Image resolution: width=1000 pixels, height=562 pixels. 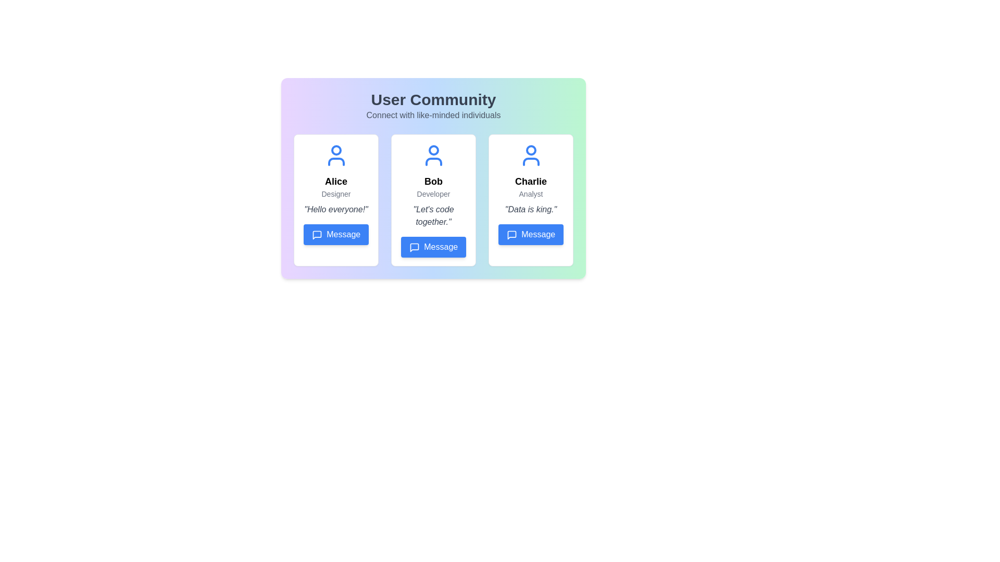 I want to click on the speech bubble icon located within the 'Message' button below the profile card labeled 'Alice', so click(x=316, y=235).